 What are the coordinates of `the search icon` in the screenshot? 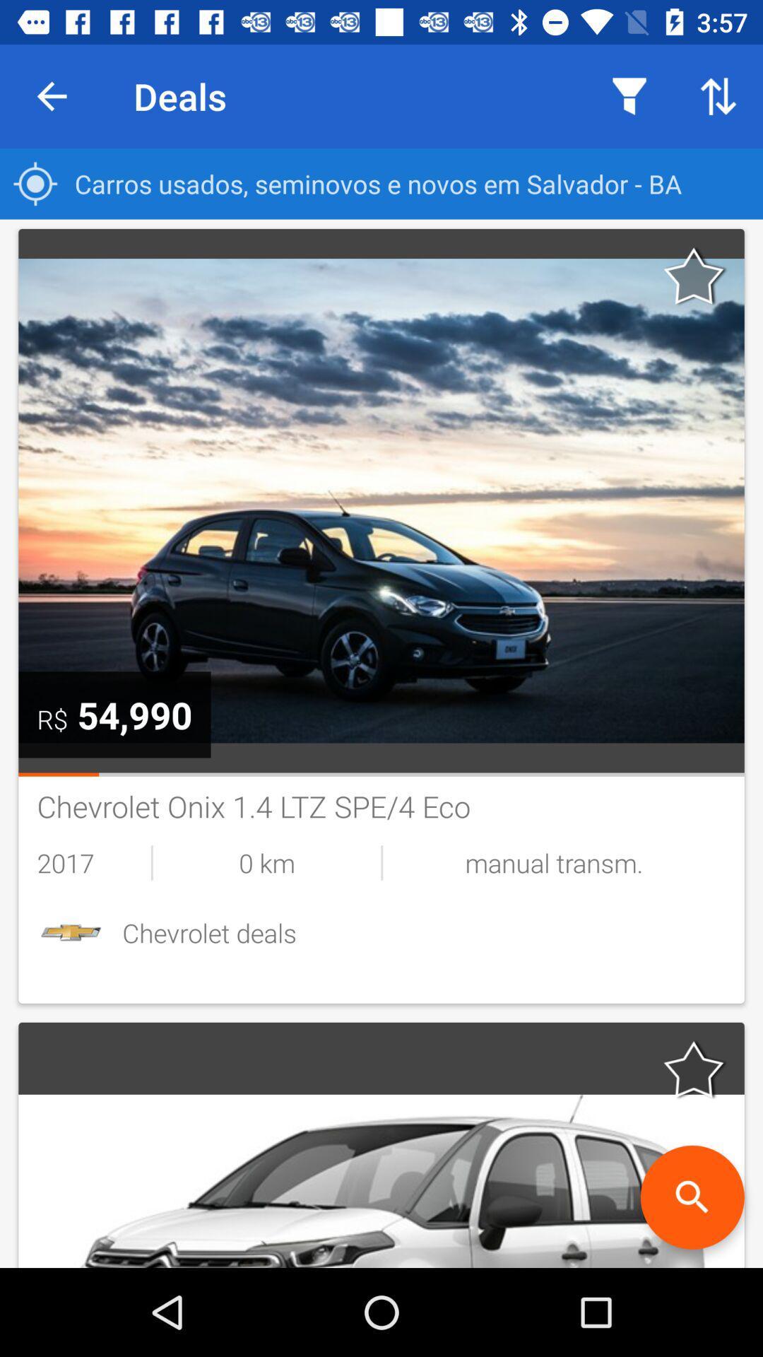 It's located at (692, 1197).